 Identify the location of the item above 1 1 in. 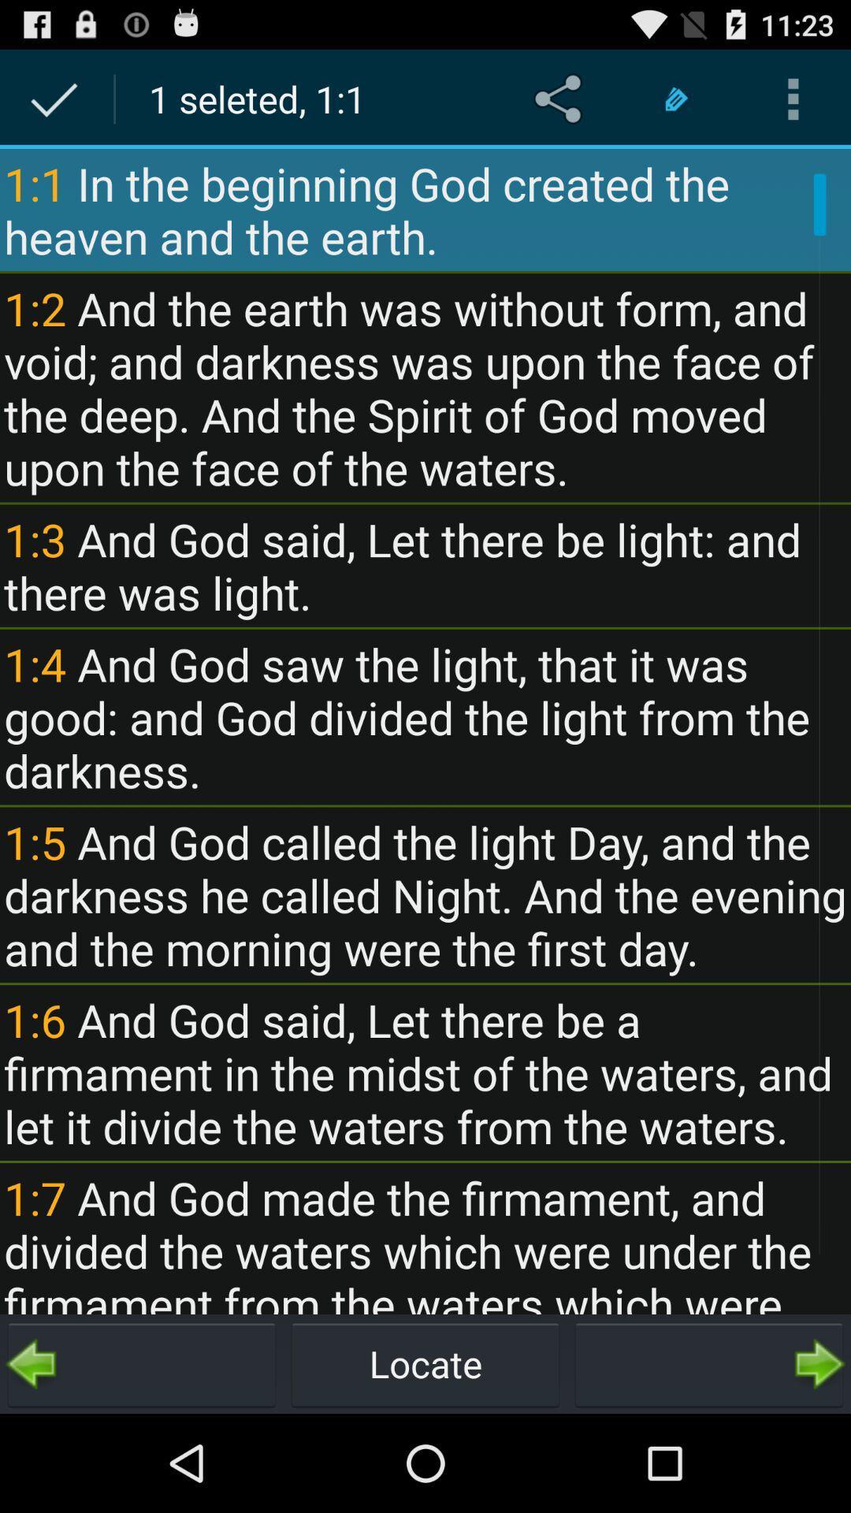
(560, 98).